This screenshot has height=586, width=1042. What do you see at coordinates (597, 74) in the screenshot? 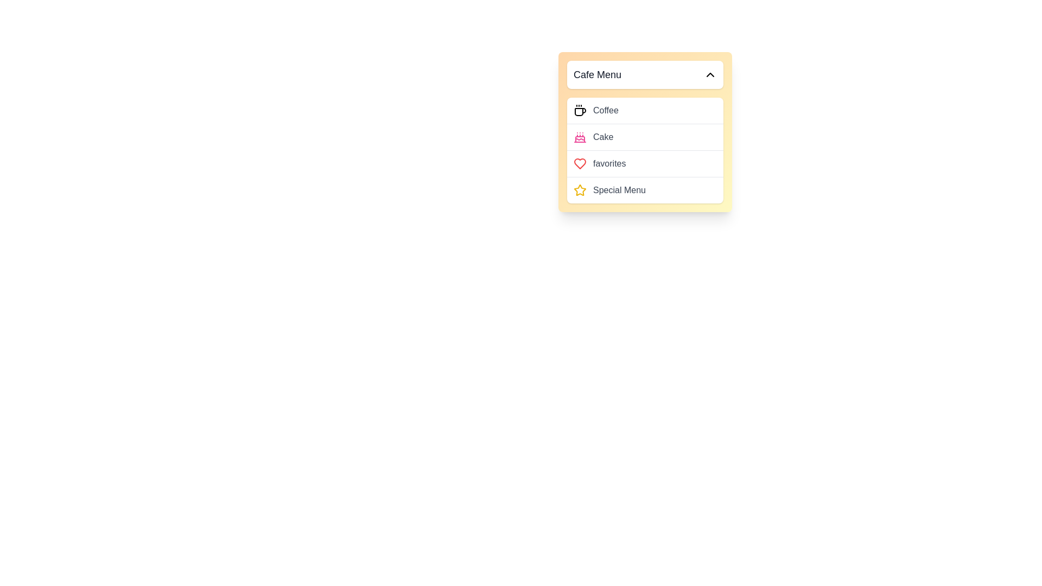
I see `the static text element displaying 'Cafe Menu', which is located at the top-left section of the main interface, before a small chevron-up icon` at bounding box center [597, 74].